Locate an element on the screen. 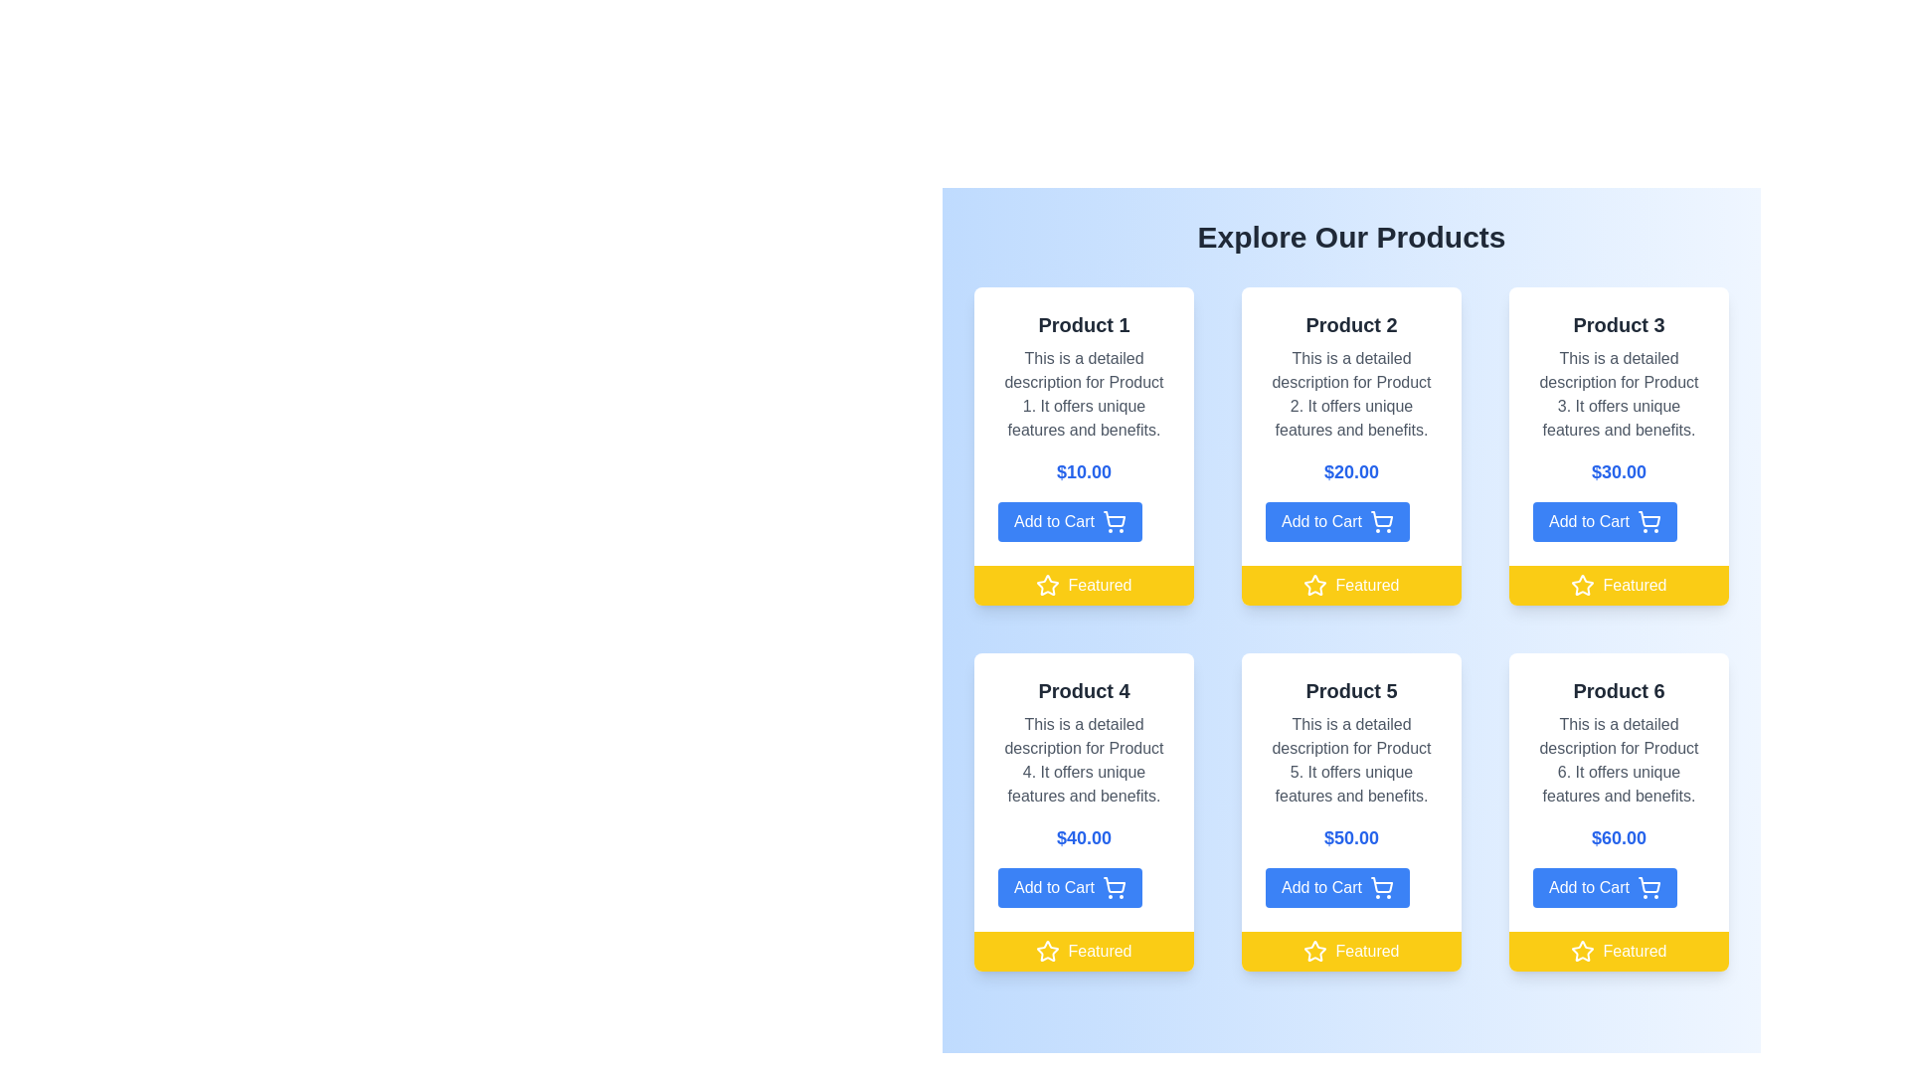 The width and height of the screenshot is (1909, 1074). the text label displaying 'Product 4', which is prominently styled and located at the top of its respective product card in a 3x2 grid layout is located at coordinates (1083, 689).